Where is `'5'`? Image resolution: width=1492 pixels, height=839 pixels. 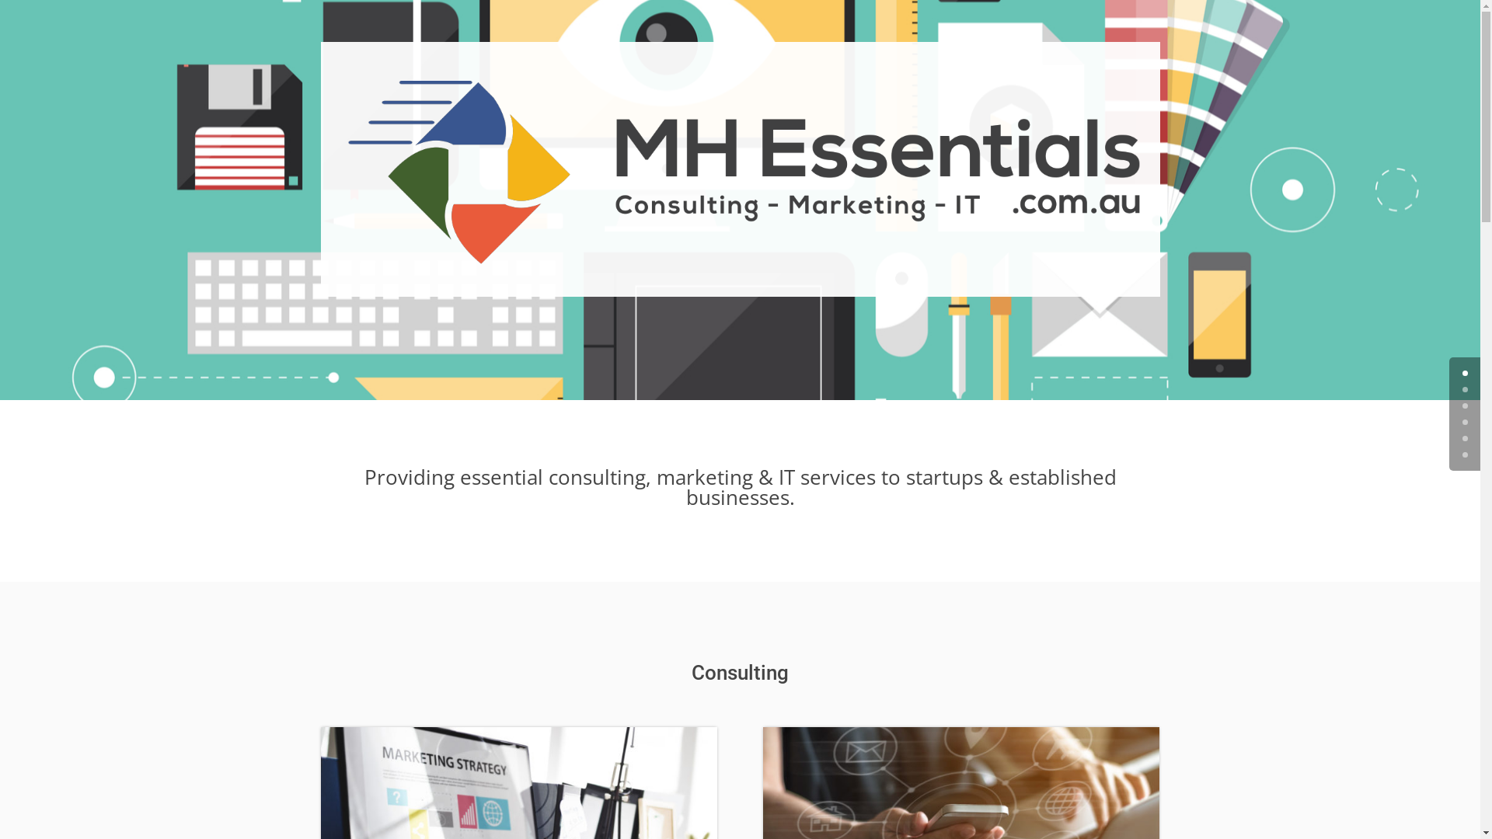 '5' is located at coordinates (1464, 454).